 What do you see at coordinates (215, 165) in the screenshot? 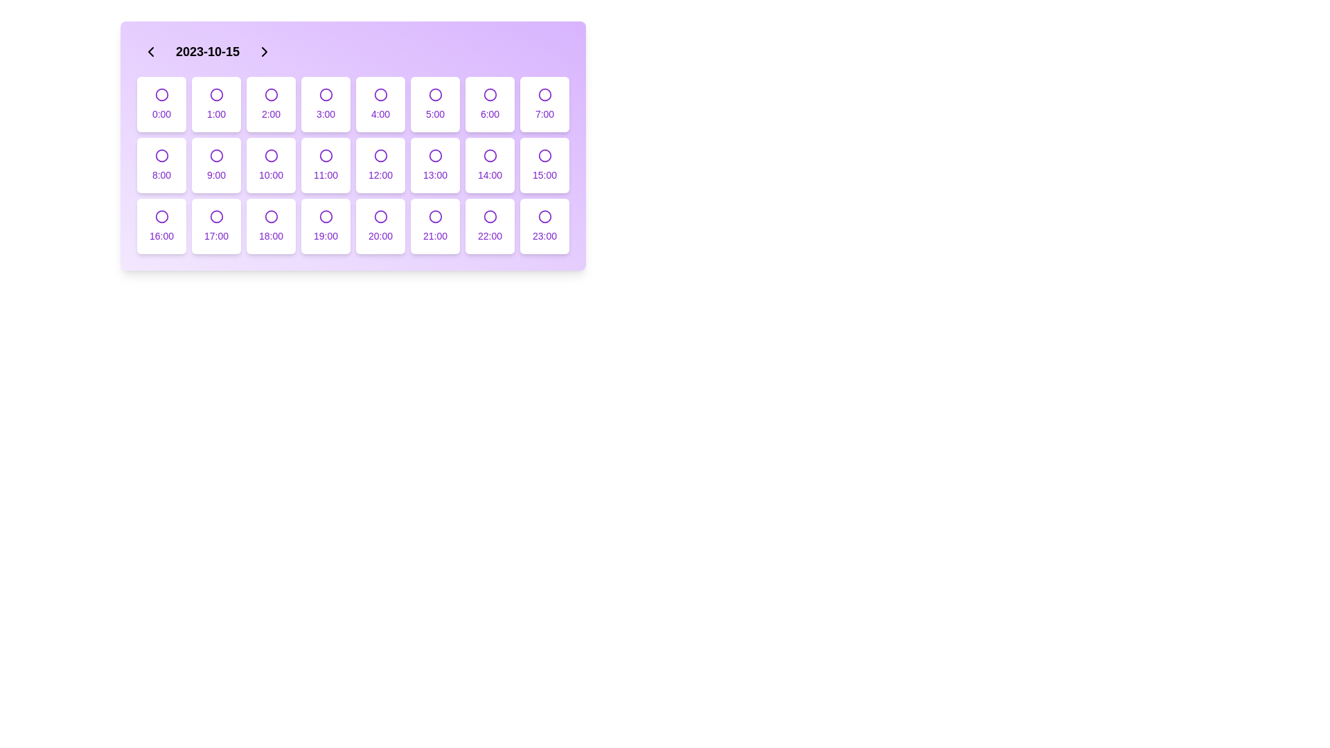
I see `the button labeled '9:00' with a white background and a purple border` at bounding box center [215, 165].